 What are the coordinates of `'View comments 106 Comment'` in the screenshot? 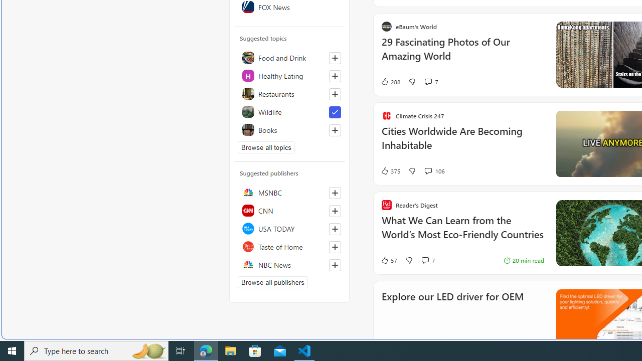 It's located at (434, 170).